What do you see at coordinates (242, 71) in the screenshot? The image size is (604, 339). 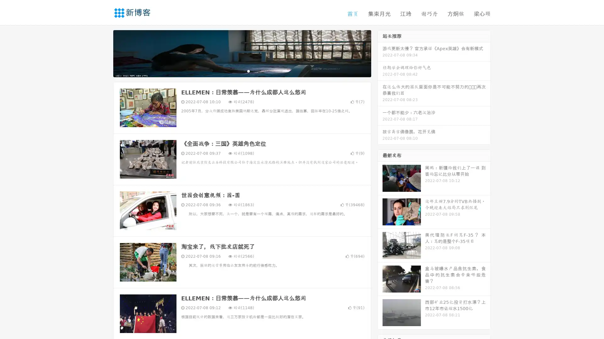 I see `Go to slide 2` at bounding box center [242, 71].